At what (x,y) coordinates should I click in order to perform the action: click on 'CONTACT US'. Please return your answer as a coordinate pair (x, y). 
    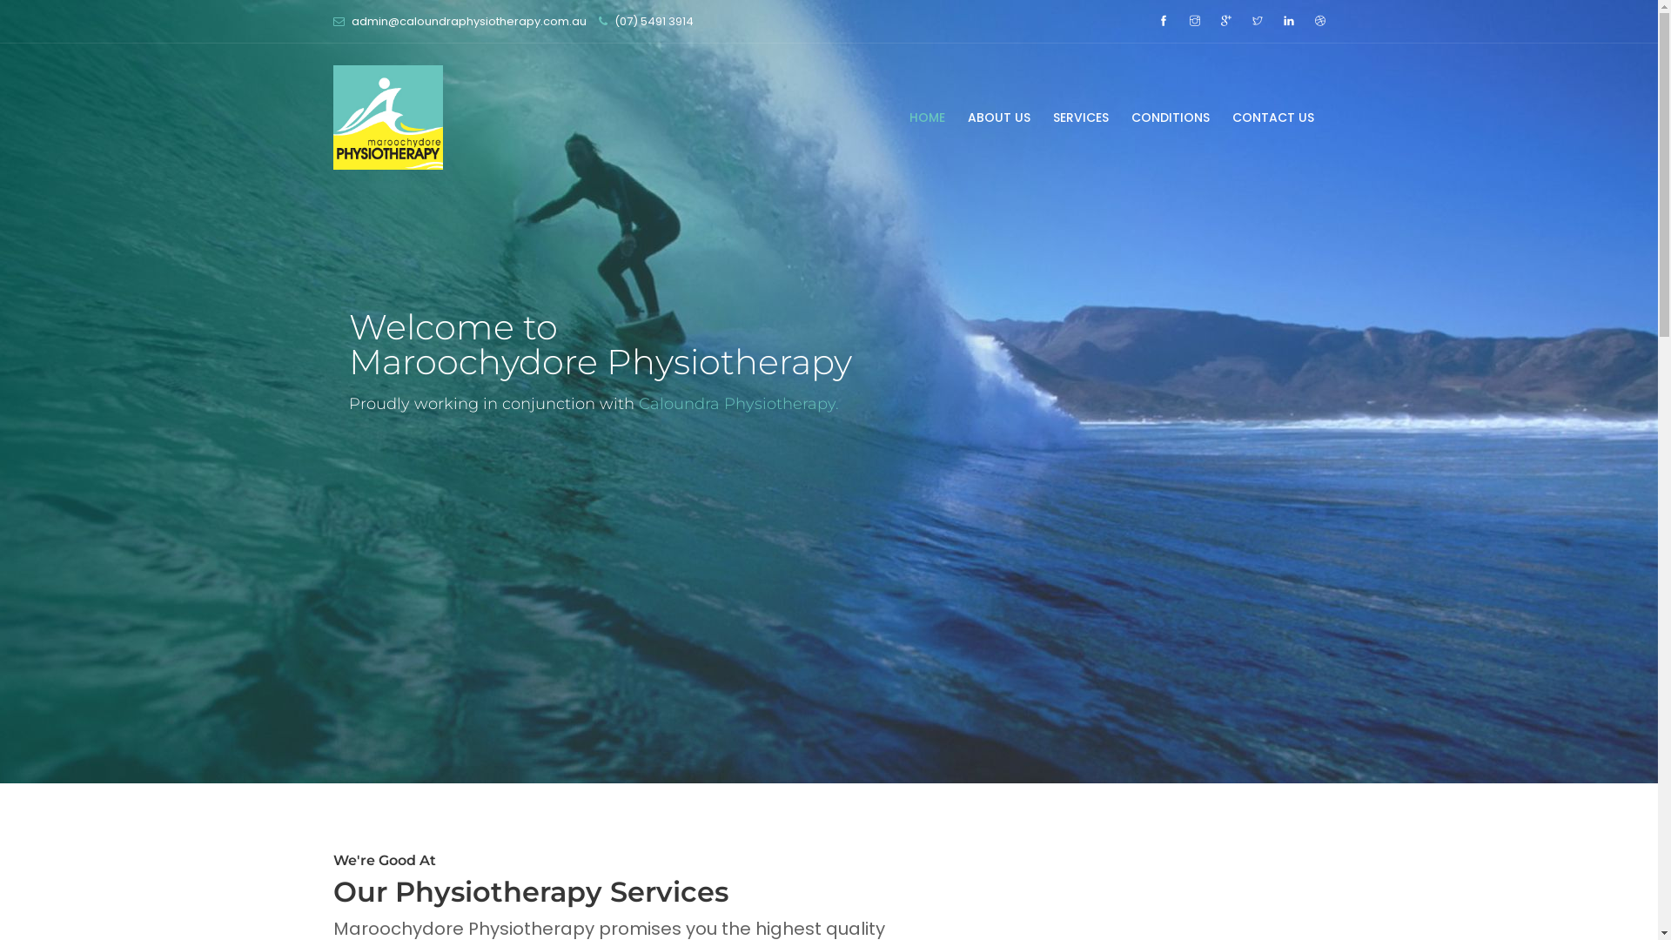
    Looking at the image, I should click on (1218, 117).